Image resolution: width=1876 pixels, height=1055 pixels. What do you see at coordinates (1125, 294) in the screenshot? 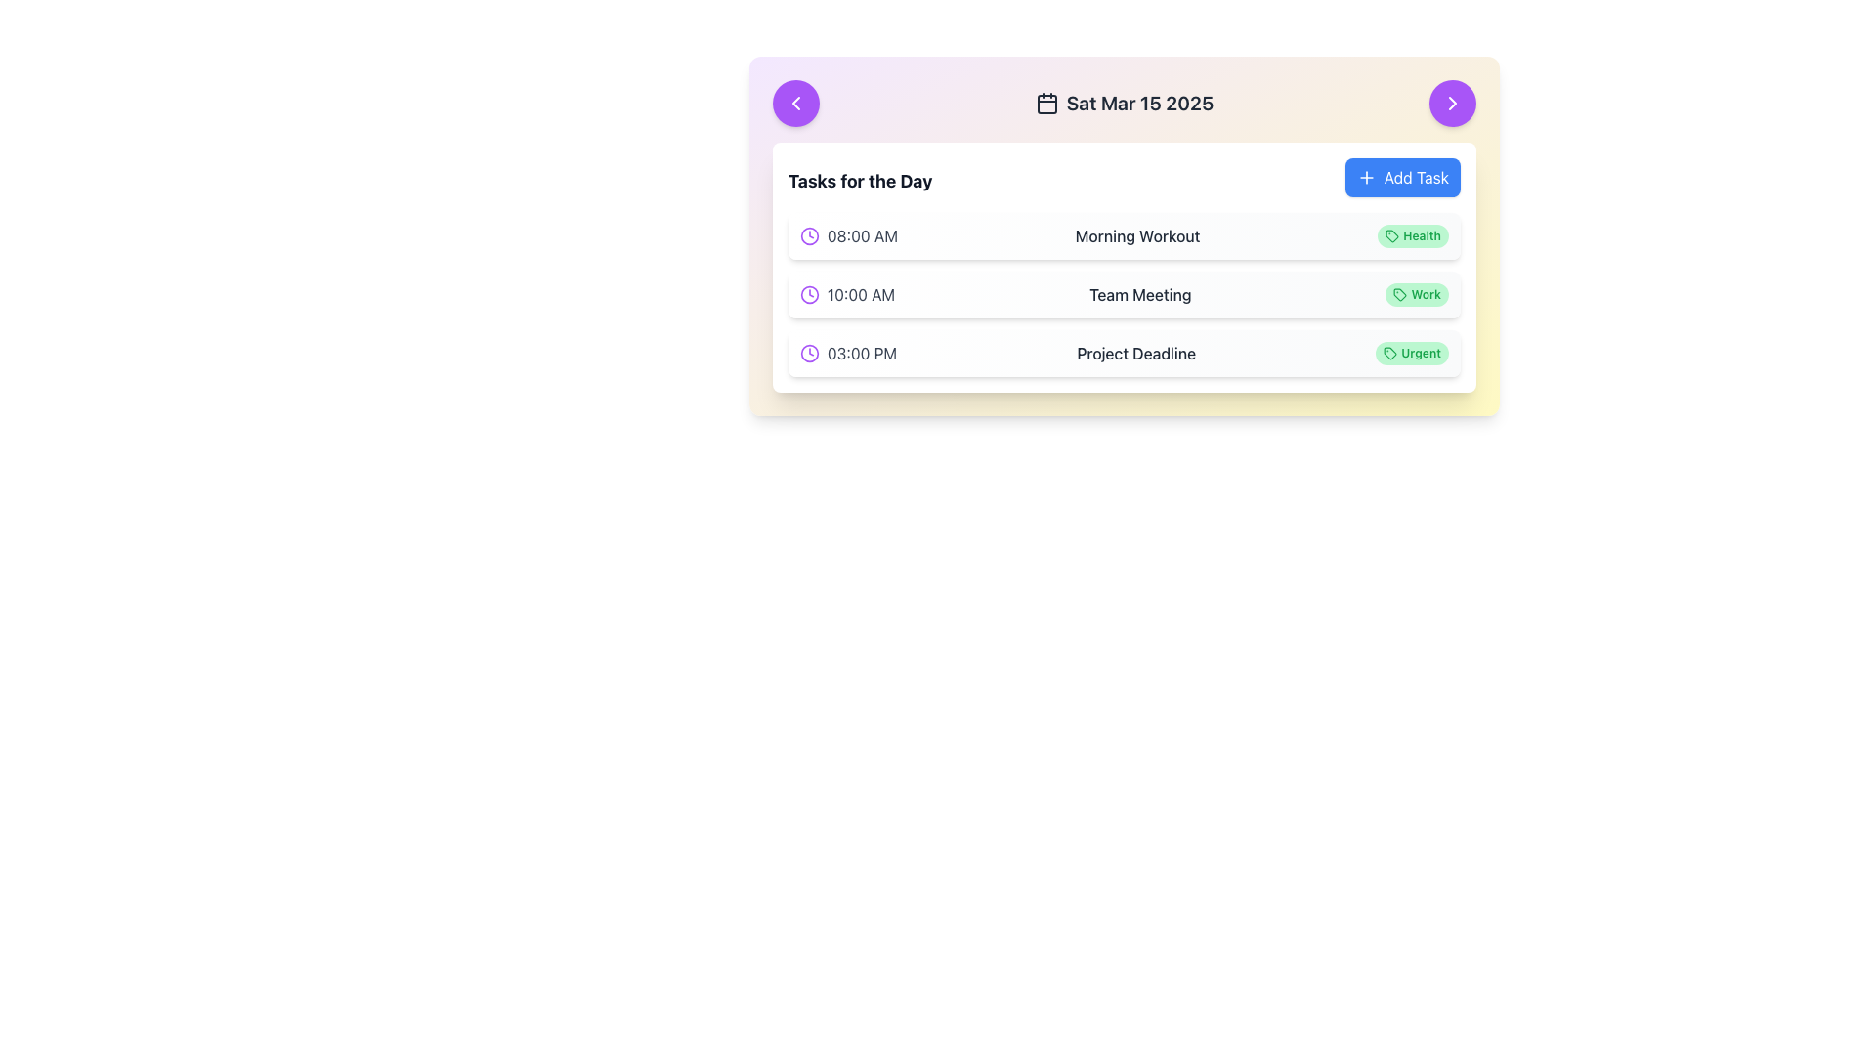
I see `the vertical list of tasks for the day, which displays an overview including the time, name, and category of each task, to possibly reveal more details` at bounding box center [1125, 294].